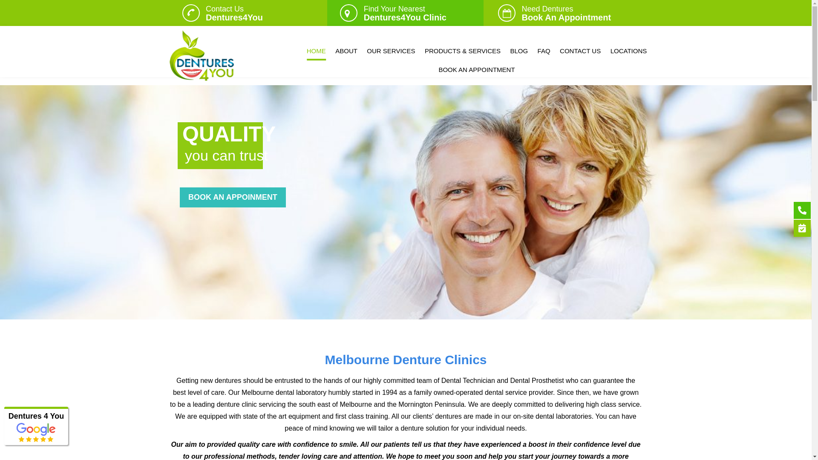 This screenshot has width=818, height=460. I want to click on 'PRODUCTS & SERVICES', so click(462, 51).